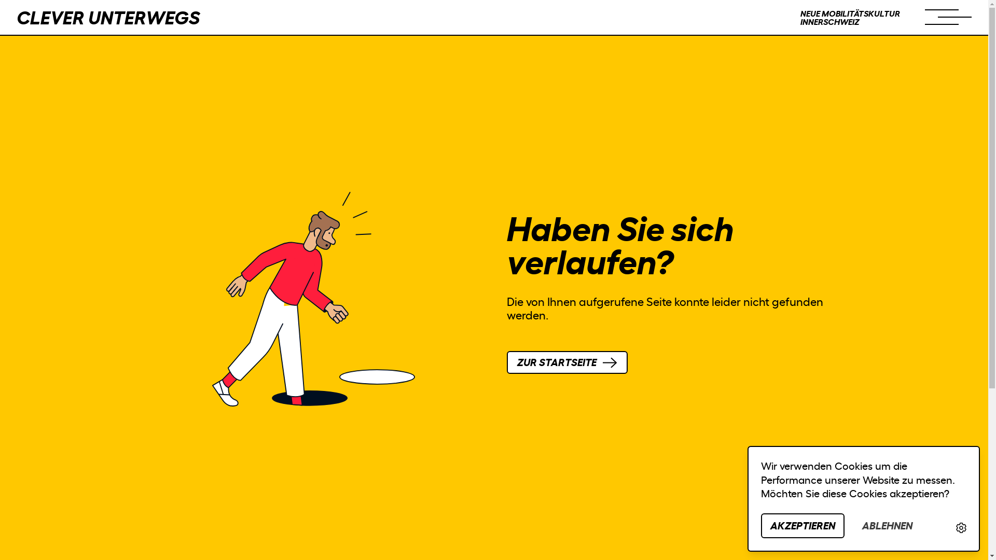 This screenshot has height=560, width=996. I want to click on 'ABLEHNEN', so click(887, 526).